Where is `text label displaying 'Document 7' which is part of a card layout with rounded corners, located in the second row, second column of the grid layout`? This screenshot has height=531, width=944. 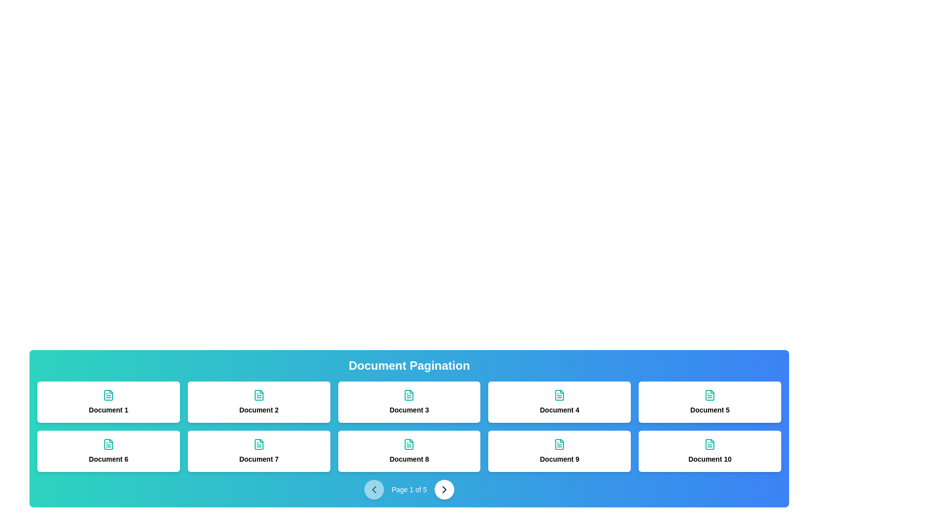
text label displaying 'Document 7' which is part of a card layout with rounded corners, located in the second row, second column of the grid layout is located at coordinates (259, 459).